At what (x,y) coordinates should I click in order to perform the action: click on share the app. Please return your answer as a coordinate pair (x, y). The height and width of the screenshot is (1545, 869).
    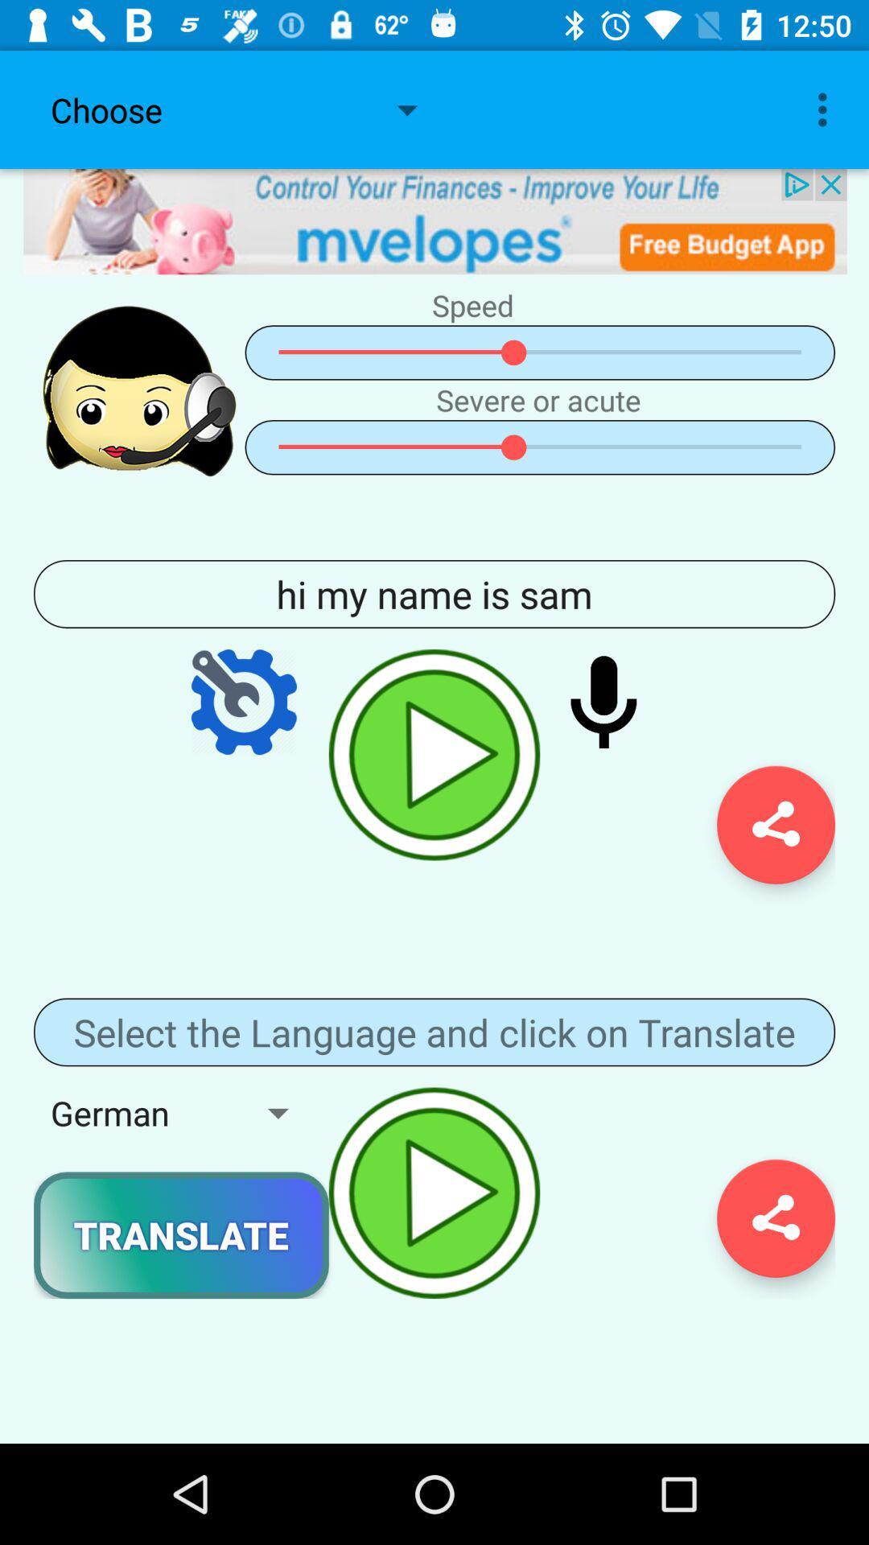
    Looking at the image, I should click on (775, 1218).